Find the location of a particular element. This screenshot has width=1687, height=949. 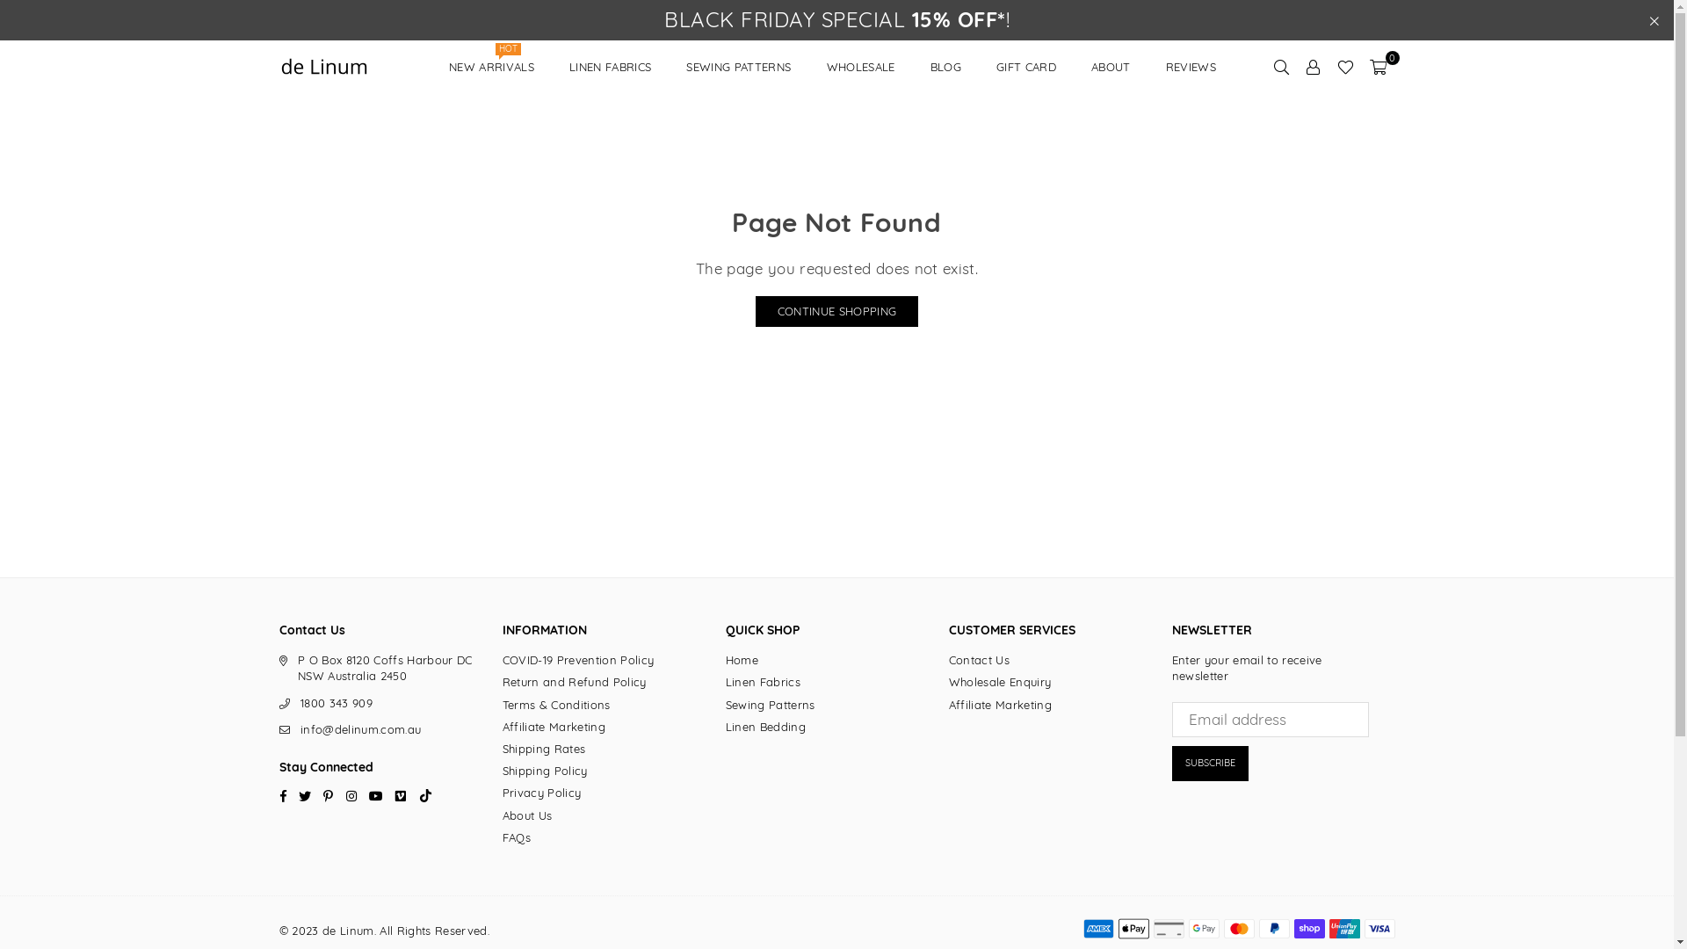

'Privacy Policy' is located at coordinates (541, 793).